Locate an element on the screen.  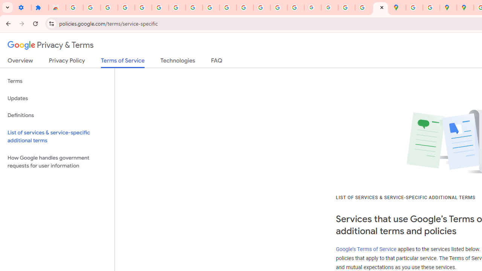
'Reviews: Helix Fruit Jump Arcade Game' is located at coordinates (57, 8).